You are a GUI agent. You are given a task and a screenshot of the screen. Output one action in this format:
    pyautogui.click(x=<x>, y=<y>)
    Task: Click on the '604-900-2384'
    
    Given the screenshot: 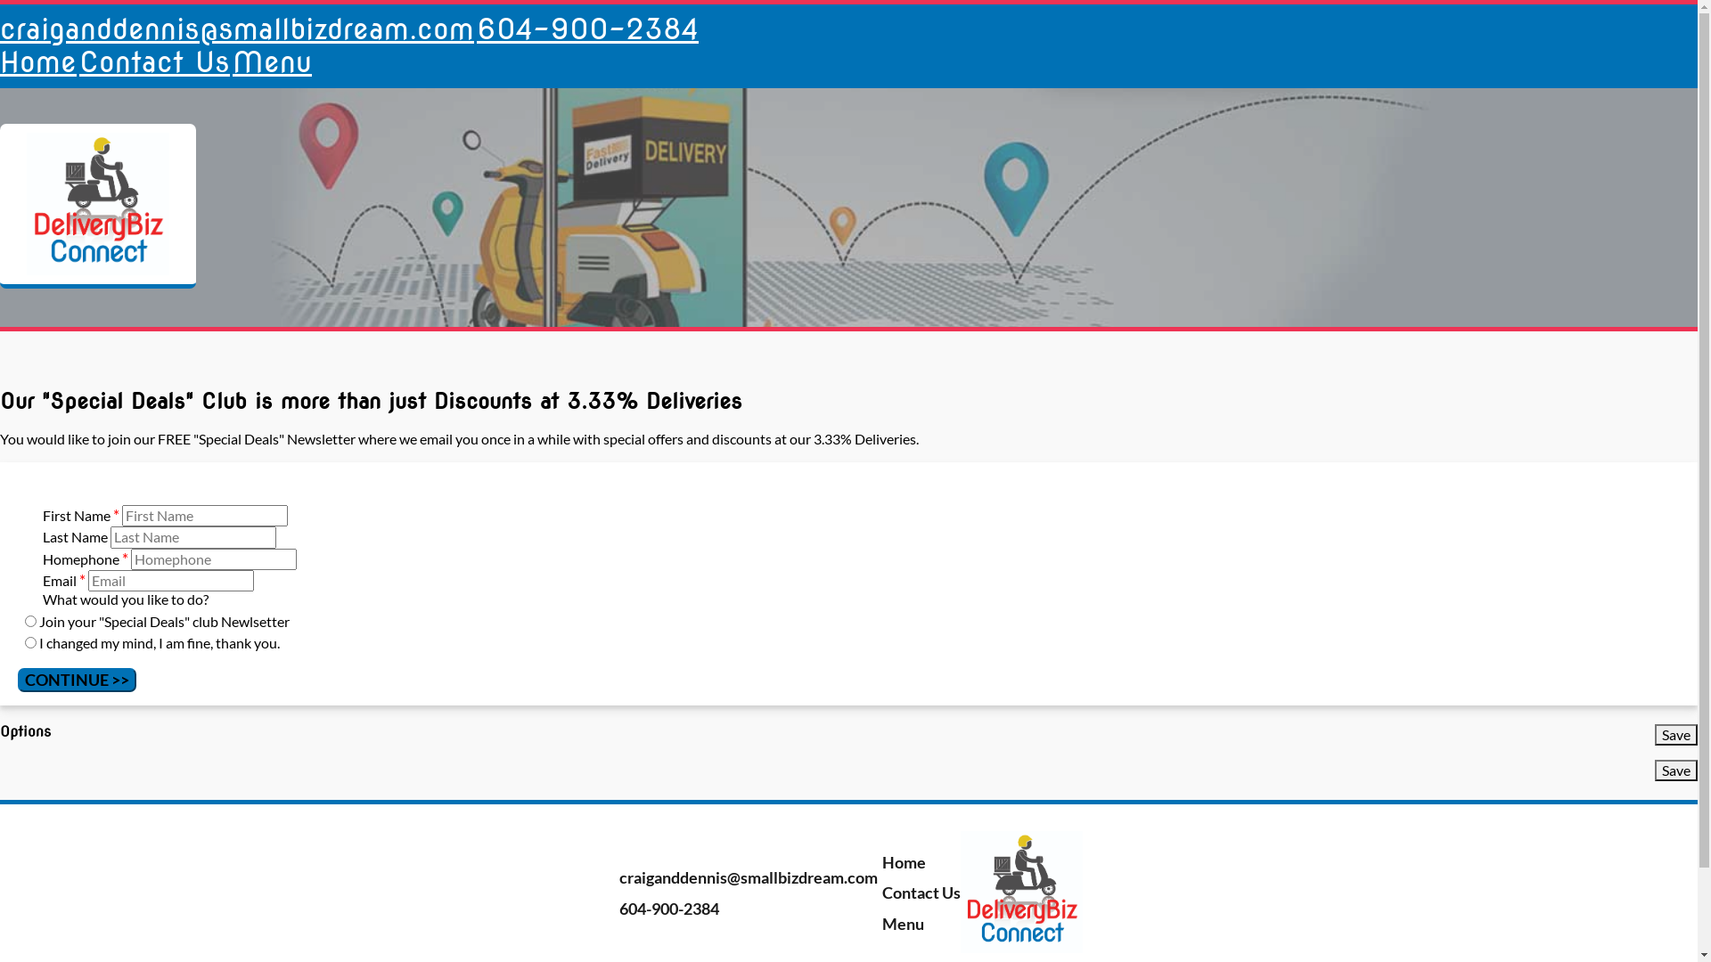 What is the action you would take?
    pyautogui.click(x=666, y=908)
    